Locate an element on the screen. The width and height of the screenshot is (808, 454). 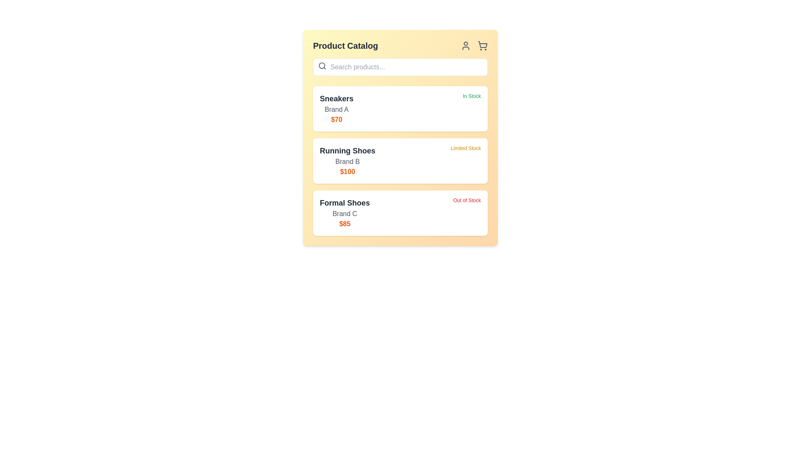
the 'Running Shoes' informational section is located at coordinates (400, 161).